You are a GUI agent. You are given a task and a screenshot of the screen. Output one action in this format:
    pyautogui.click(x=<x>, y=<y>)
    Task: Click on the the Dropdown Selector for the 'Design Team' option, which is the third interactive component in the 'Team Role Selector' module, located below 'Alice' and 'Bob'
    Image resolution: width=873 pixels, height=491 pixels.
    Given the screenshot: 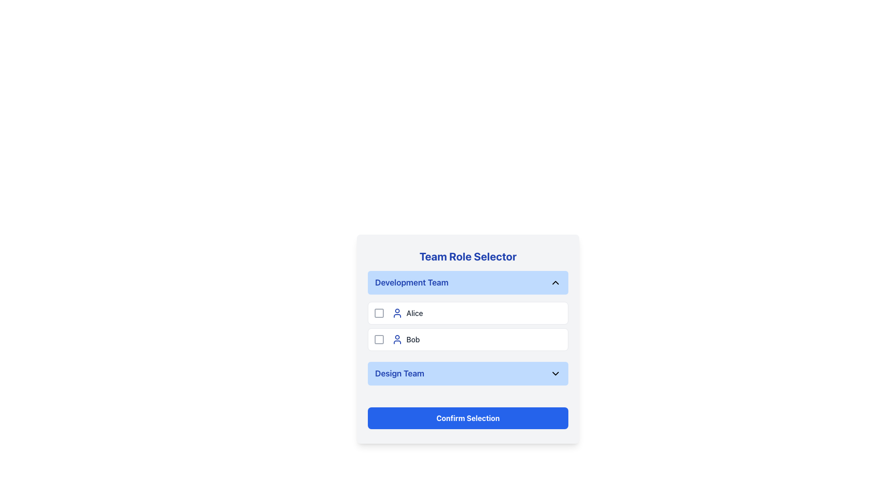 What is the action you would take?
    pyautogui.click(x=468, y=373)
    